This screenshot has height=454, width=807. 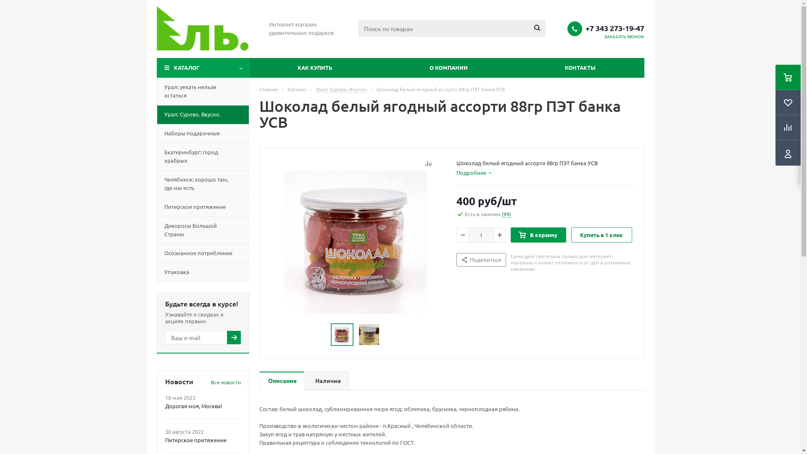 I want to click on '+7 343 273-19-47', so click(x=614, y=27).